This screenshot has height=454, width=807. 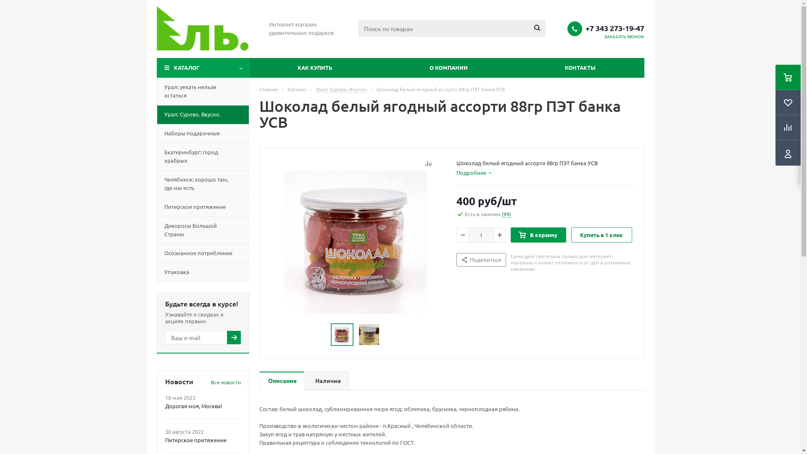 I want to click on '+7 343 273-19-47', so click(x=614, y=27).